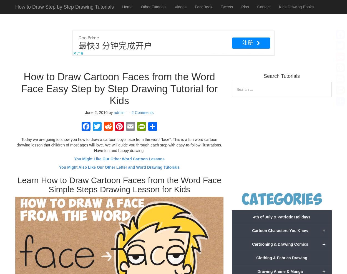  What do you see at coordinates (281, 258) in the screenshot?
I see `'Clothing & Fabrics Drawing'` at bounding box center [281, 258].